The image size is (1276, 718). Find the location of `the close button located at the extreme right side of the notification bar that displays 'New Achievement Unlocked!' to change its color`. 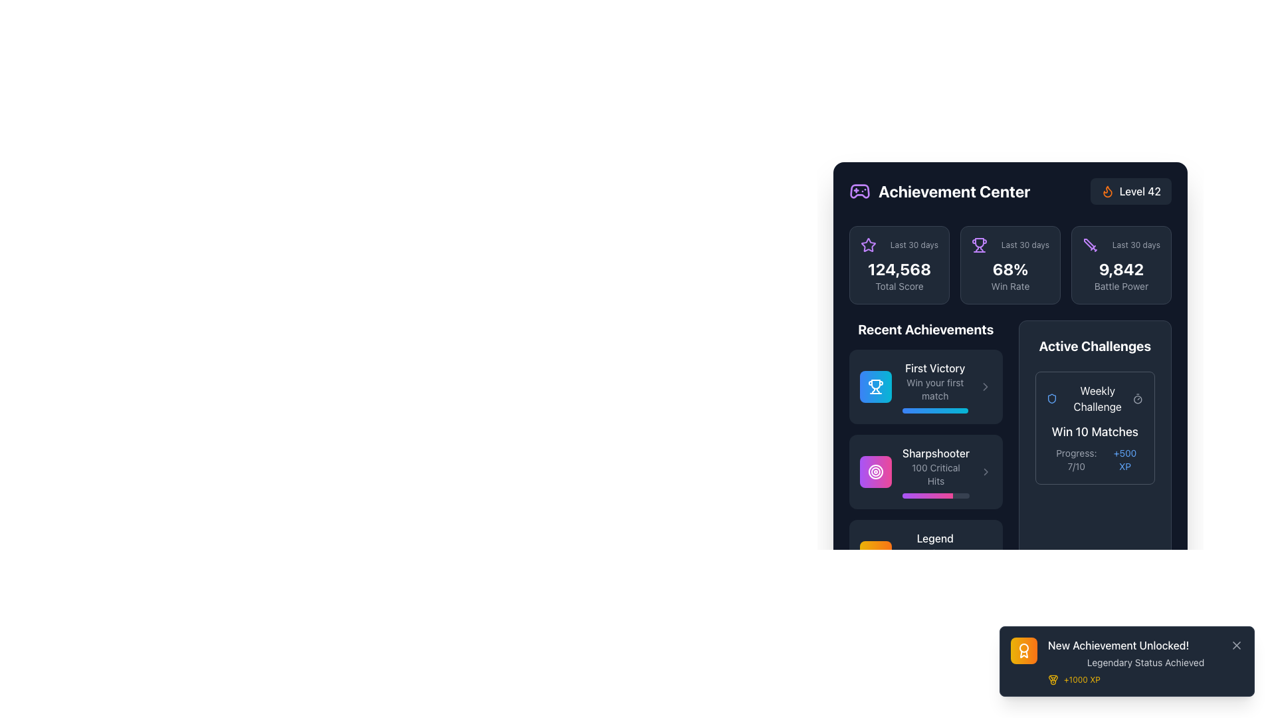

the close button located at the extreme right side of the notification bar that displays 'New Achievement Unlocked!' to change its color is located at coordinates (1236, 645).